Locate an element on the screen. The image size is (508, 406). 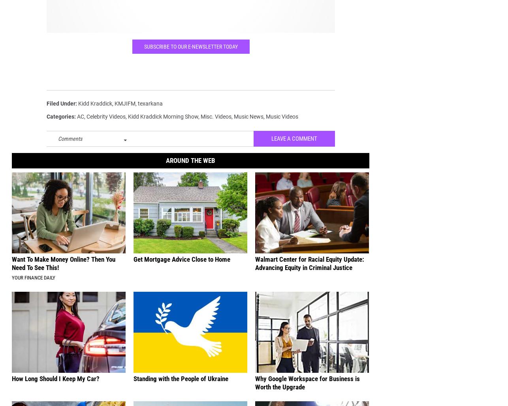
'Music News' is located at coordinates (248, 122).